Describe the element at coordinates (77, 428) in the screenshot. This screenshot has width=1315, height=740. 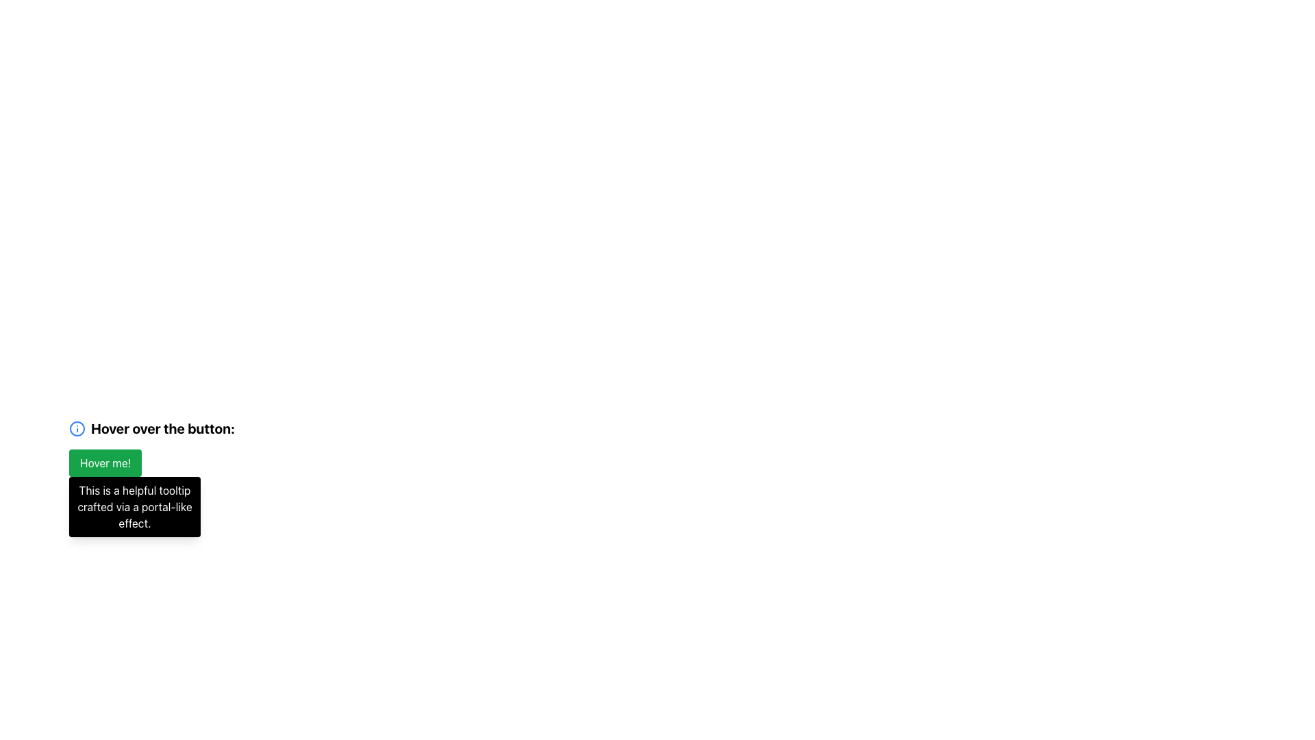
I see `the blue circular graphic that resembles an 'info' icon, located to the left of the text 'Hover over the button:'` at that location.